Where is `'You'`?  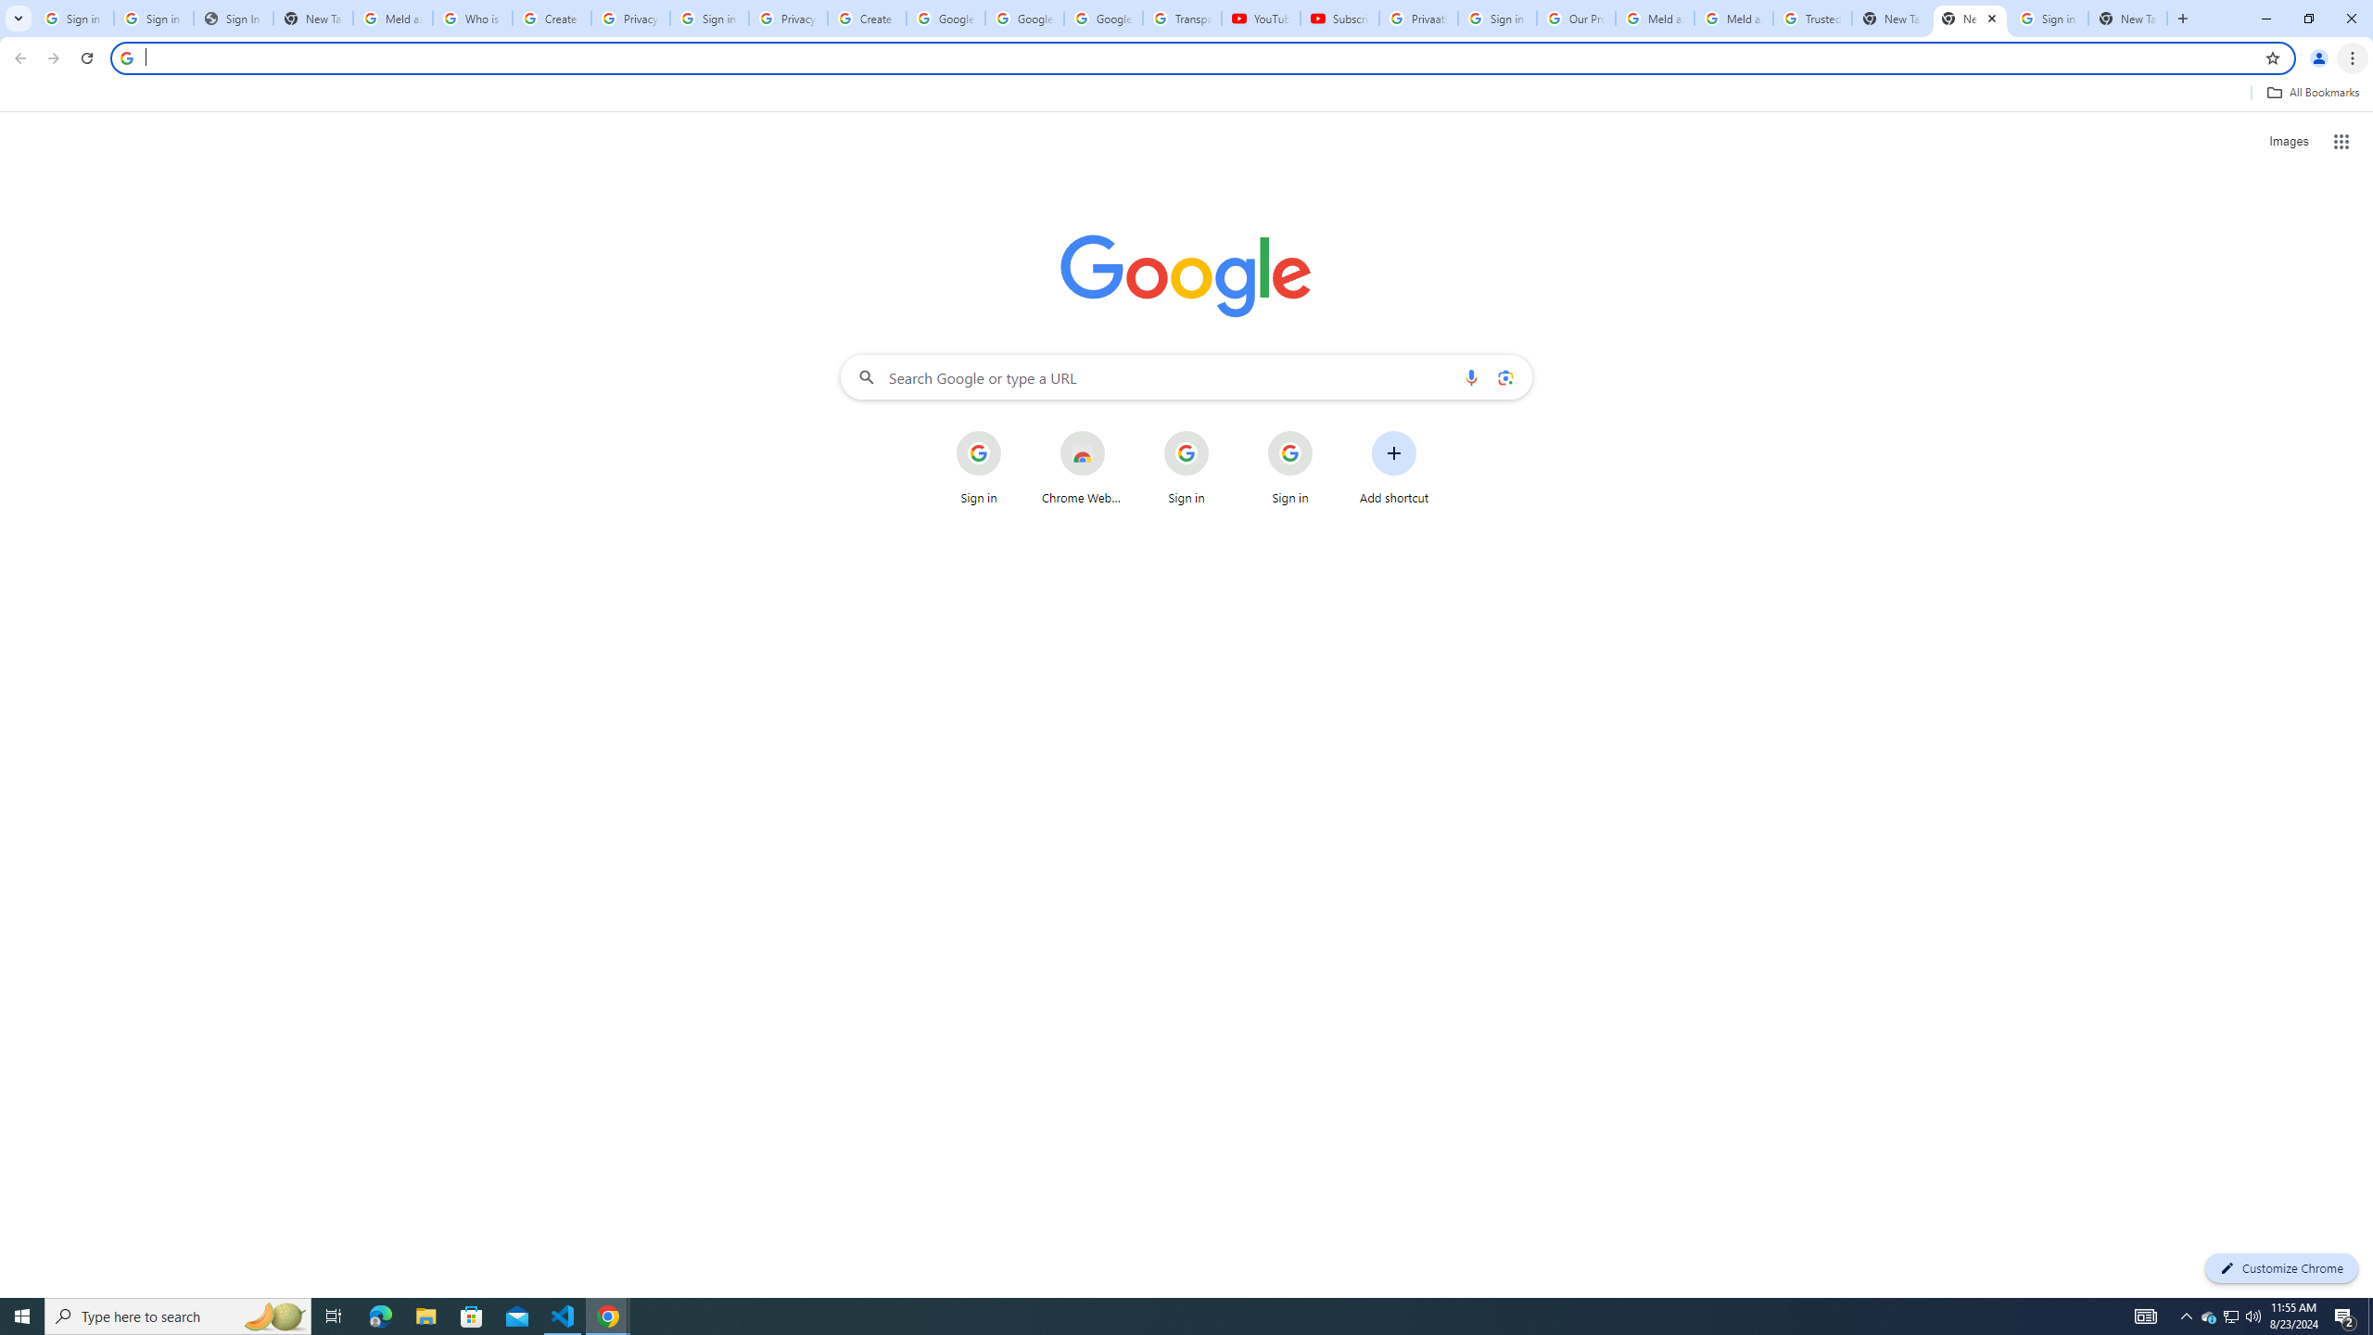 'You' is located at coordinates (2319, 57).